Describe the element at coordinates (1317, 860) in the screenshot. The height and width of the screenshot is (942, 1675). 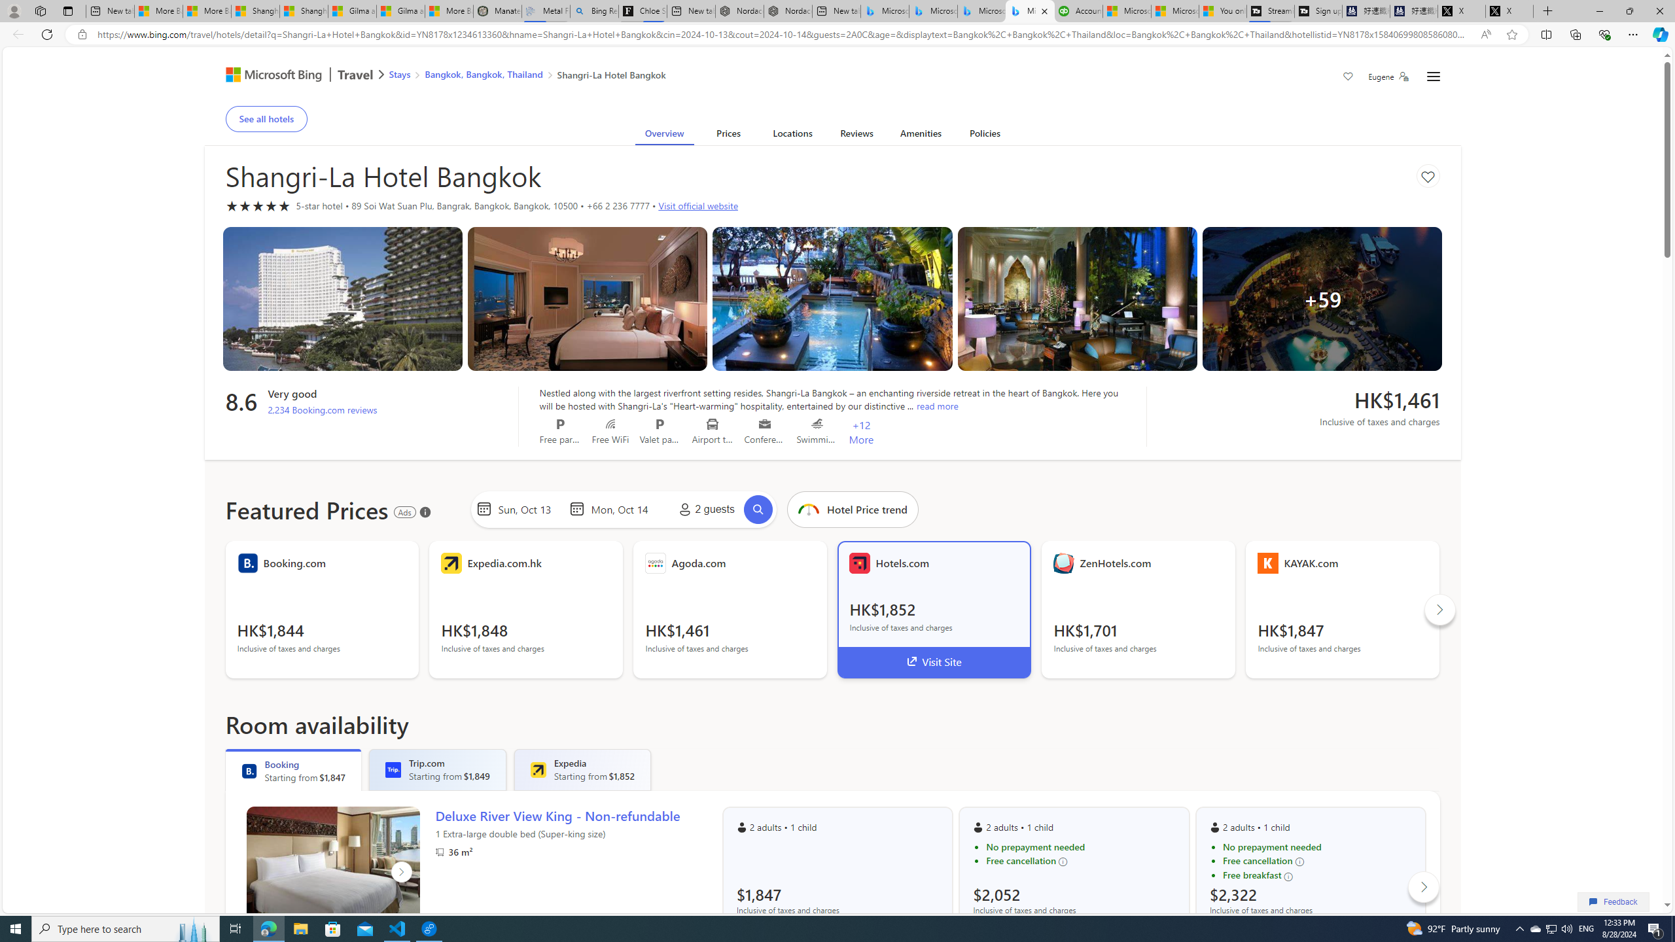
I see `'Free cancellation'` at that location.